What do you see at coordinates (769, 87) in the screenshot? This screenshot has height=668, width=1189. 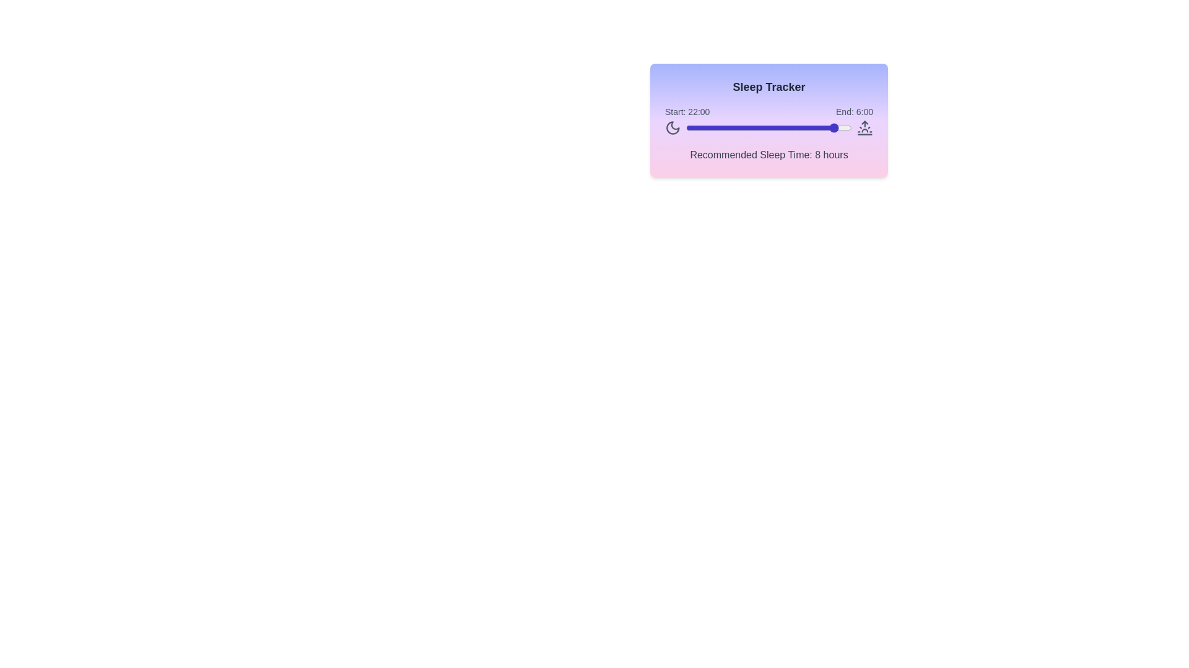 I see `the header text 'Sleep Tracker' by clicking on its center` at bounding box center [769, 87].